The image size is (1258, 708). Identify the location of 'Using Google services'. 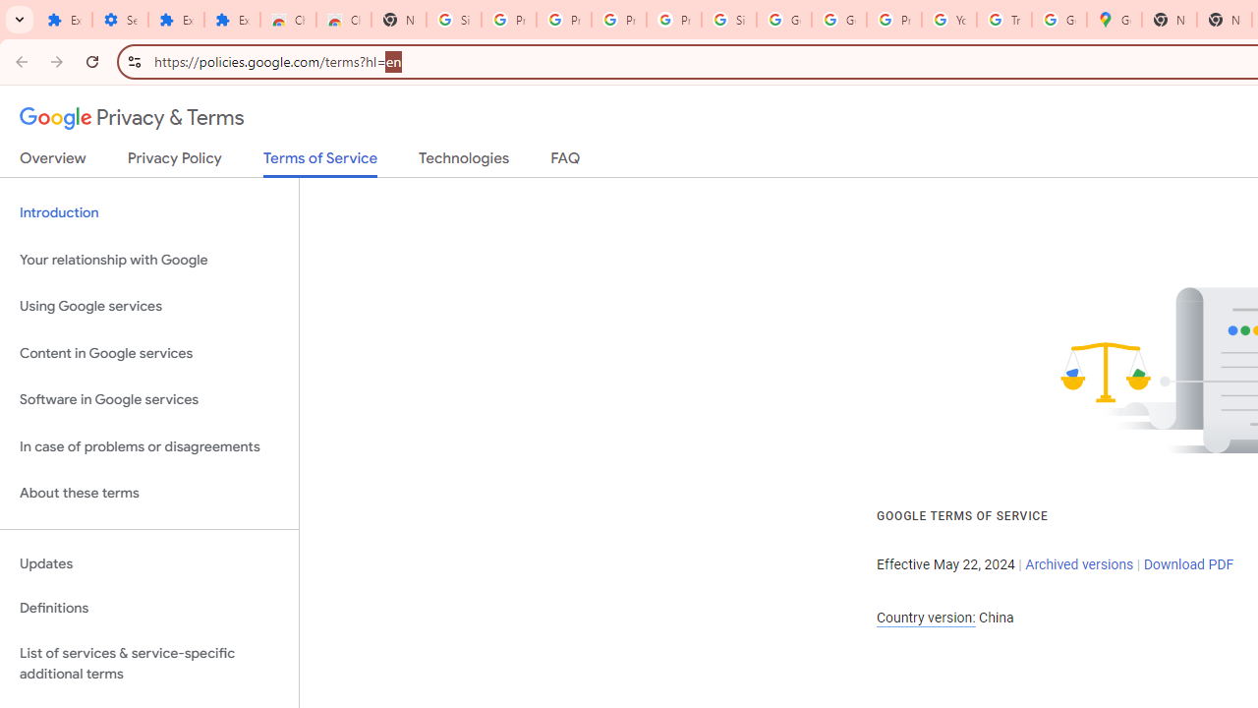
(148, 307).